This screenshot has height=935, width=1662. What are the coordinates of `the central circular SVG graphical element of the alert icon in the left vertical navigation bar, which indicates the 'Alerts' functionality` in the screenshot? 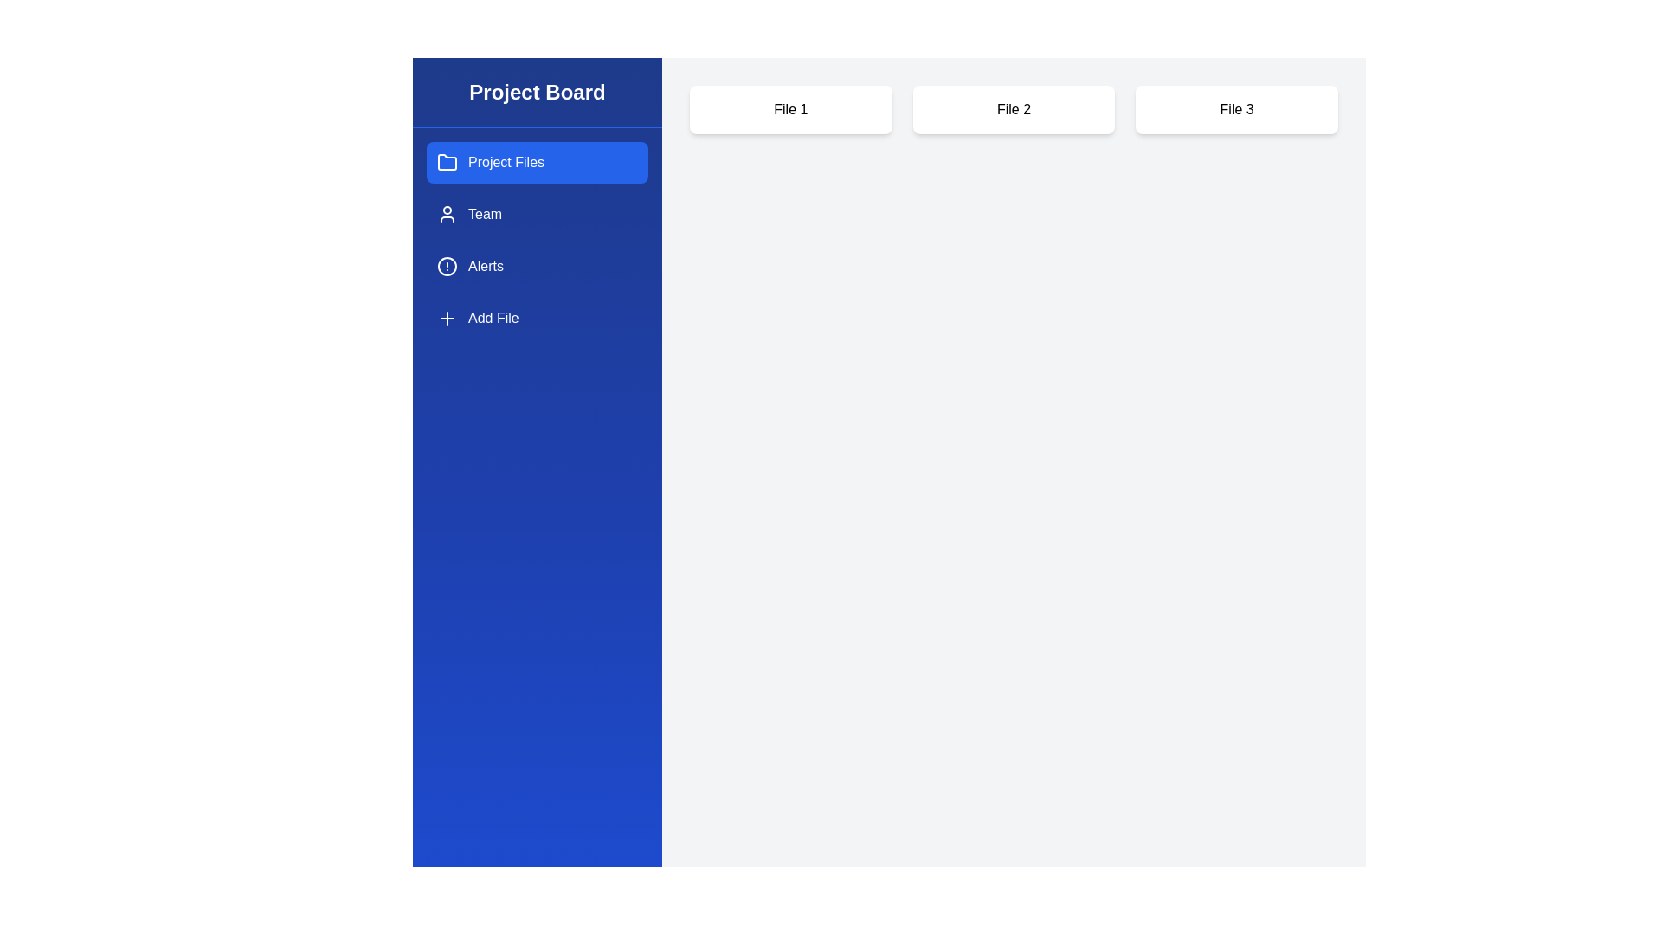 It's located at (448, 267).